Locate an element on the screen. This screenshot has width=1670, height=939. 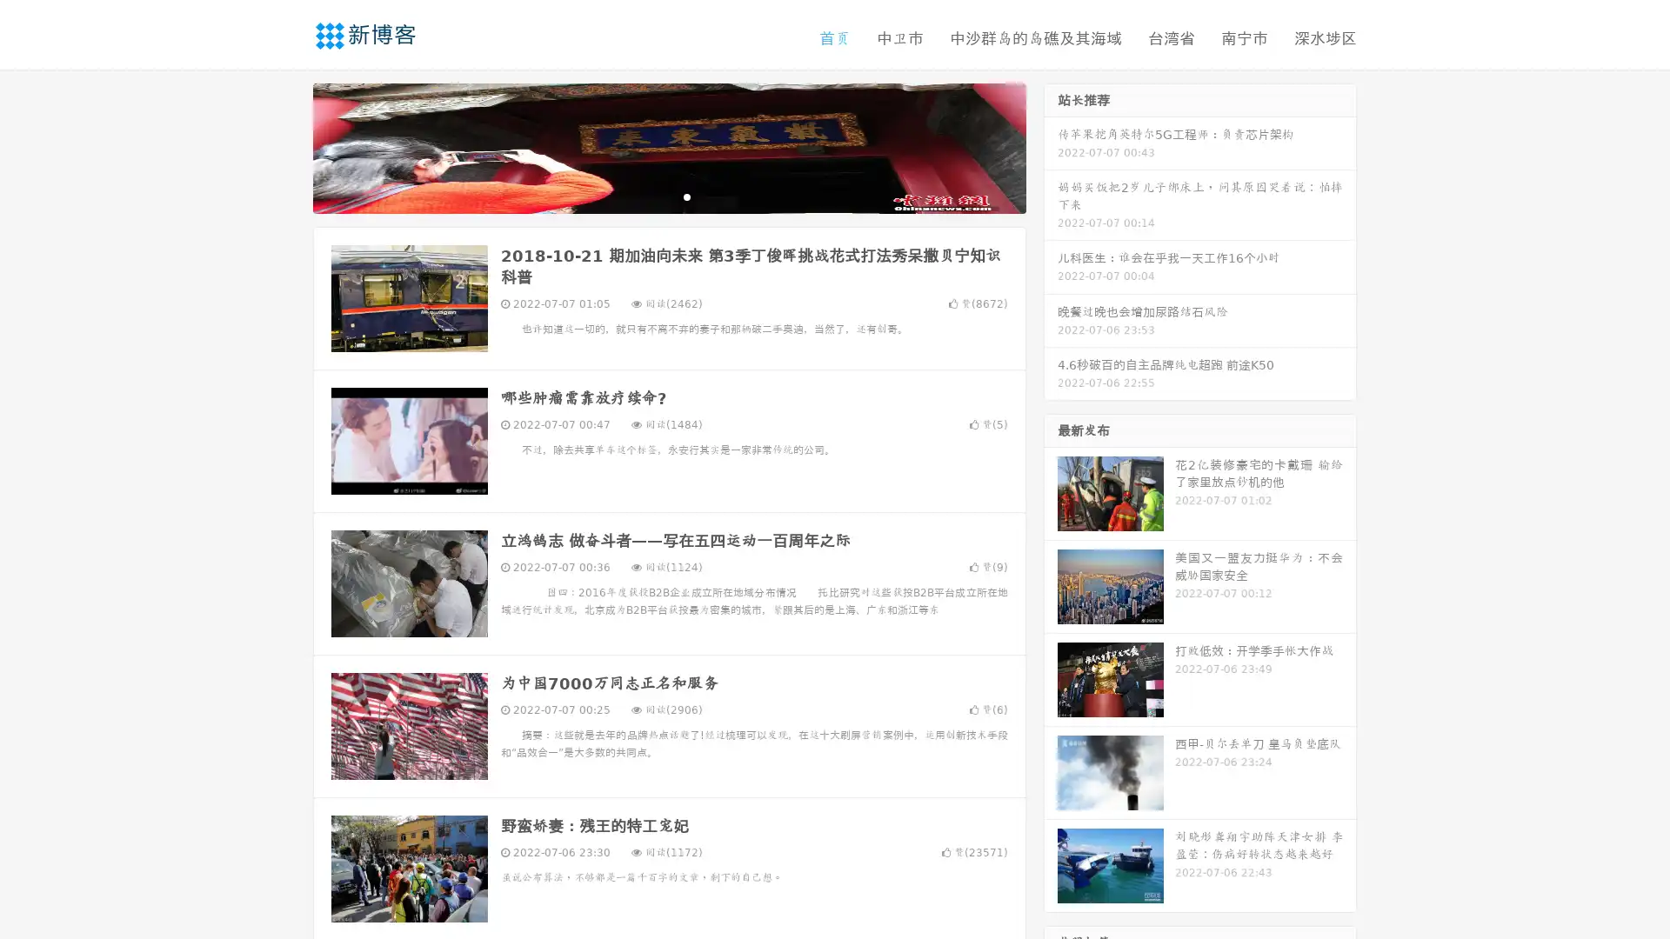
Previous slide is located at coordinates (287, 146).